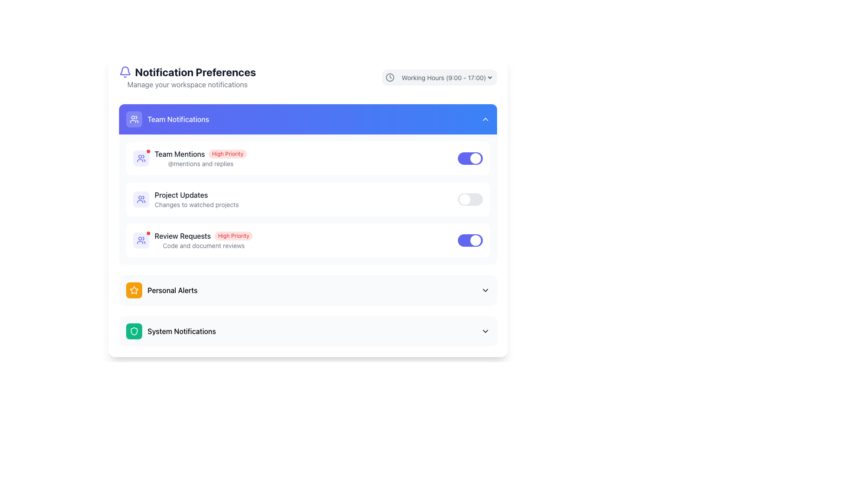 The width and height of the screenshot is (856, 481). What do you see at coordinates (203, 240) in the screenshot?
I see `the 'Review Requests' notification text element, which has a bold title and a red background` at bounding box center [203, 240].